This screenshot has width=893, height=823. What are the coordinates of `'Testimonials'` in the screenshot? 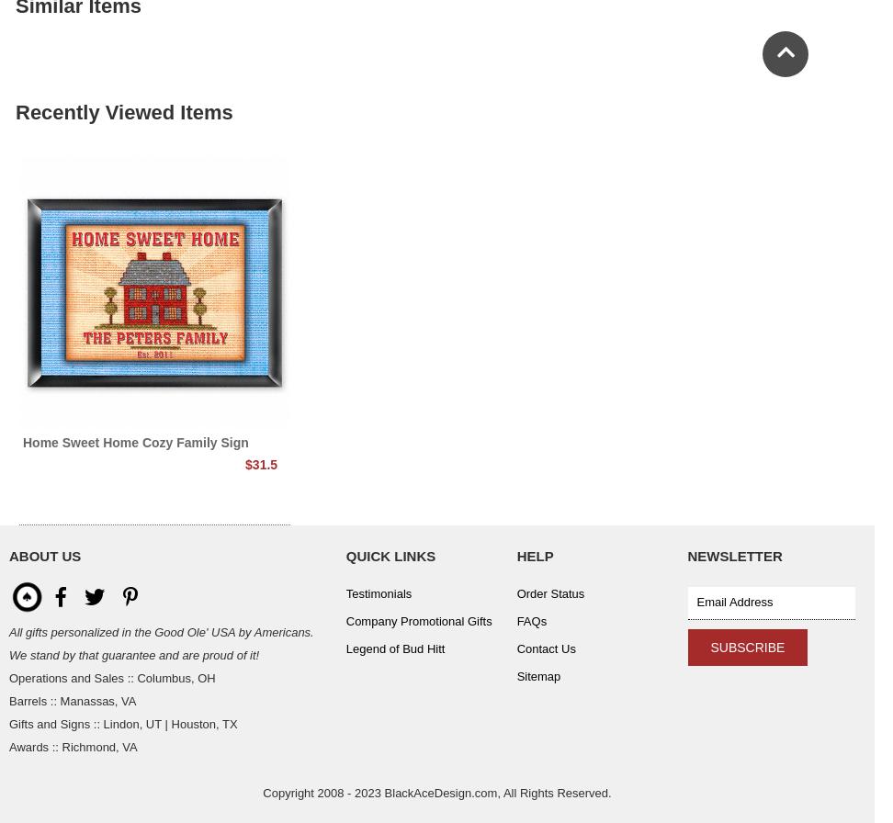 It's located at (345, 593).